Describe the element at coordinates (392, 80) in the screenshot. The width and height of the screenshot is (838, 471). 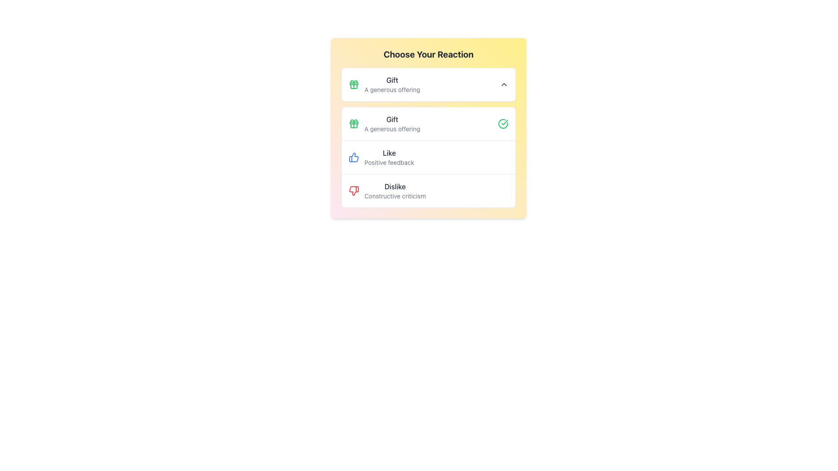
I see `the 'Gift' text label, which serves as a title for the gift reaction option, located at the top of the selection items` at that location.